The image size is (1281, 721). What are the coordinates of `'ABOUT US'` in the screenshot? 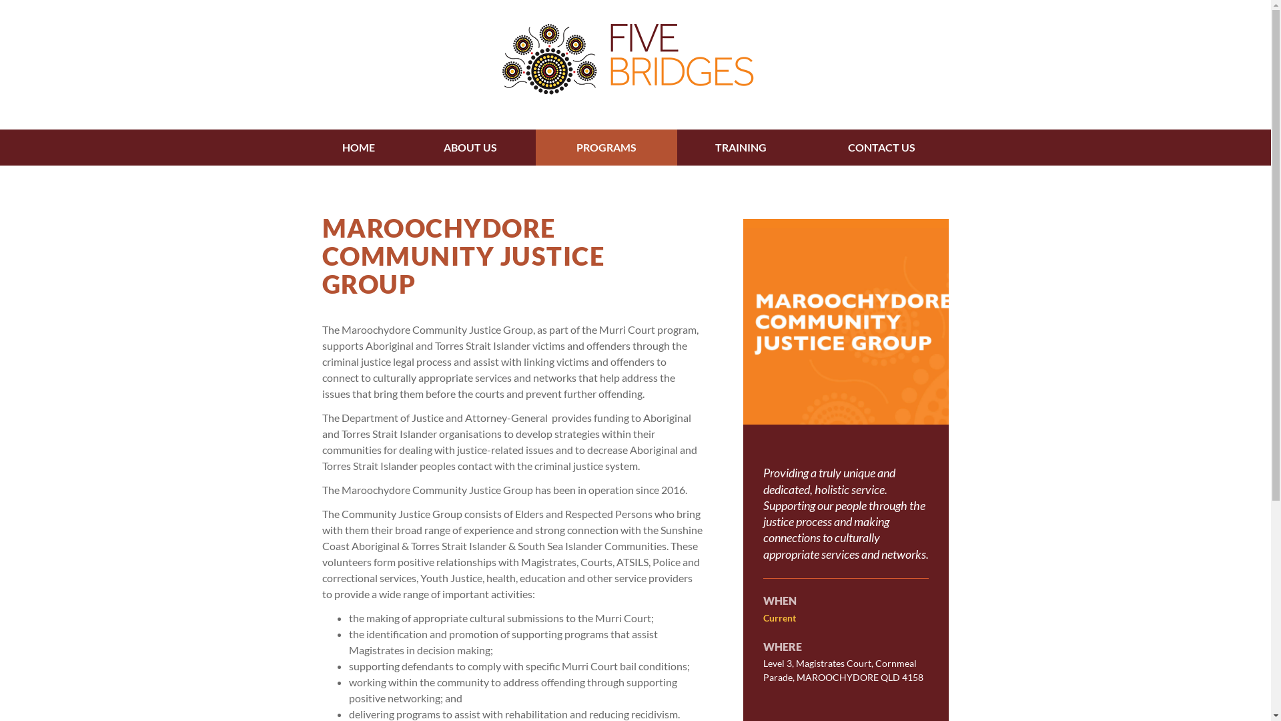 It's located at (470, 147).